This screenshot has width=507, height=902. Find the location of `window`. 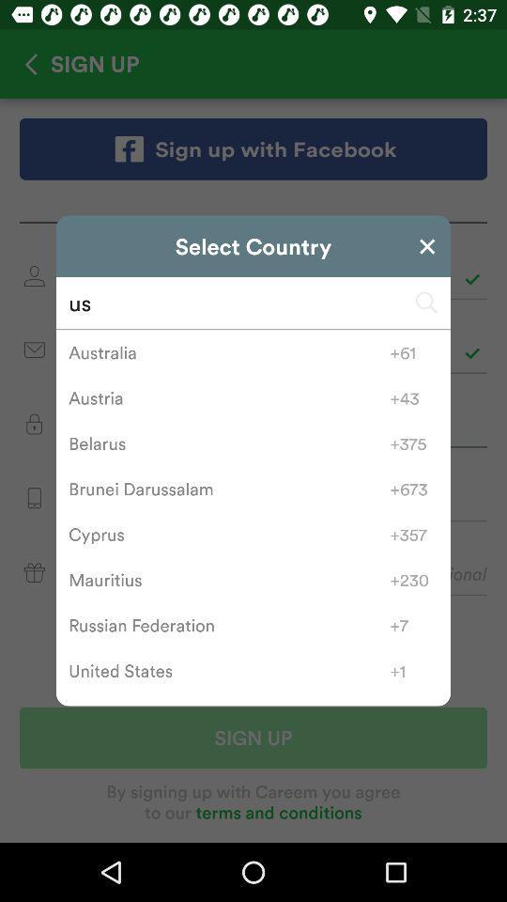

window is located at coordinates (427, 245).